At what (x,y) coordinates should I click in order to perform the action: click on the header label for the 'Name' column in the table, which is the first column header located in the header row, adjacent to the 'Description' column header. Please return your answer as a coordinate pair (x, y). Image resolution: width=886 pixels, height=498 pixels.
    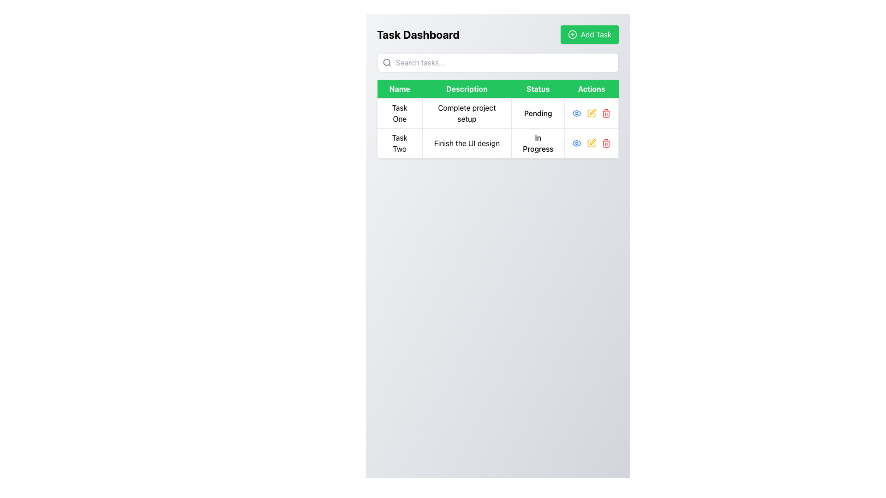
    Looking at the image, I should click on (400, 89).